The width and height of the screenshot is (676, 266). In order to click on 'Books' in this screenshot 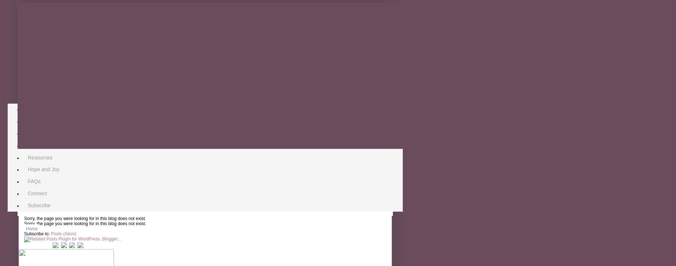, I will do `click(27, 133)`.